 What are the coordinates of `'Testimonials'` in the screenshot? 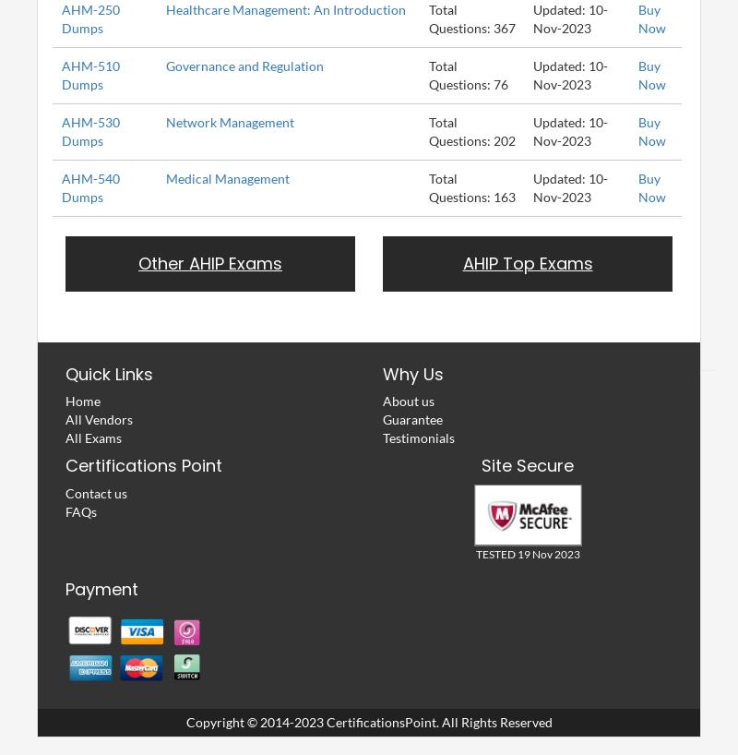 It's located at (418, 437).